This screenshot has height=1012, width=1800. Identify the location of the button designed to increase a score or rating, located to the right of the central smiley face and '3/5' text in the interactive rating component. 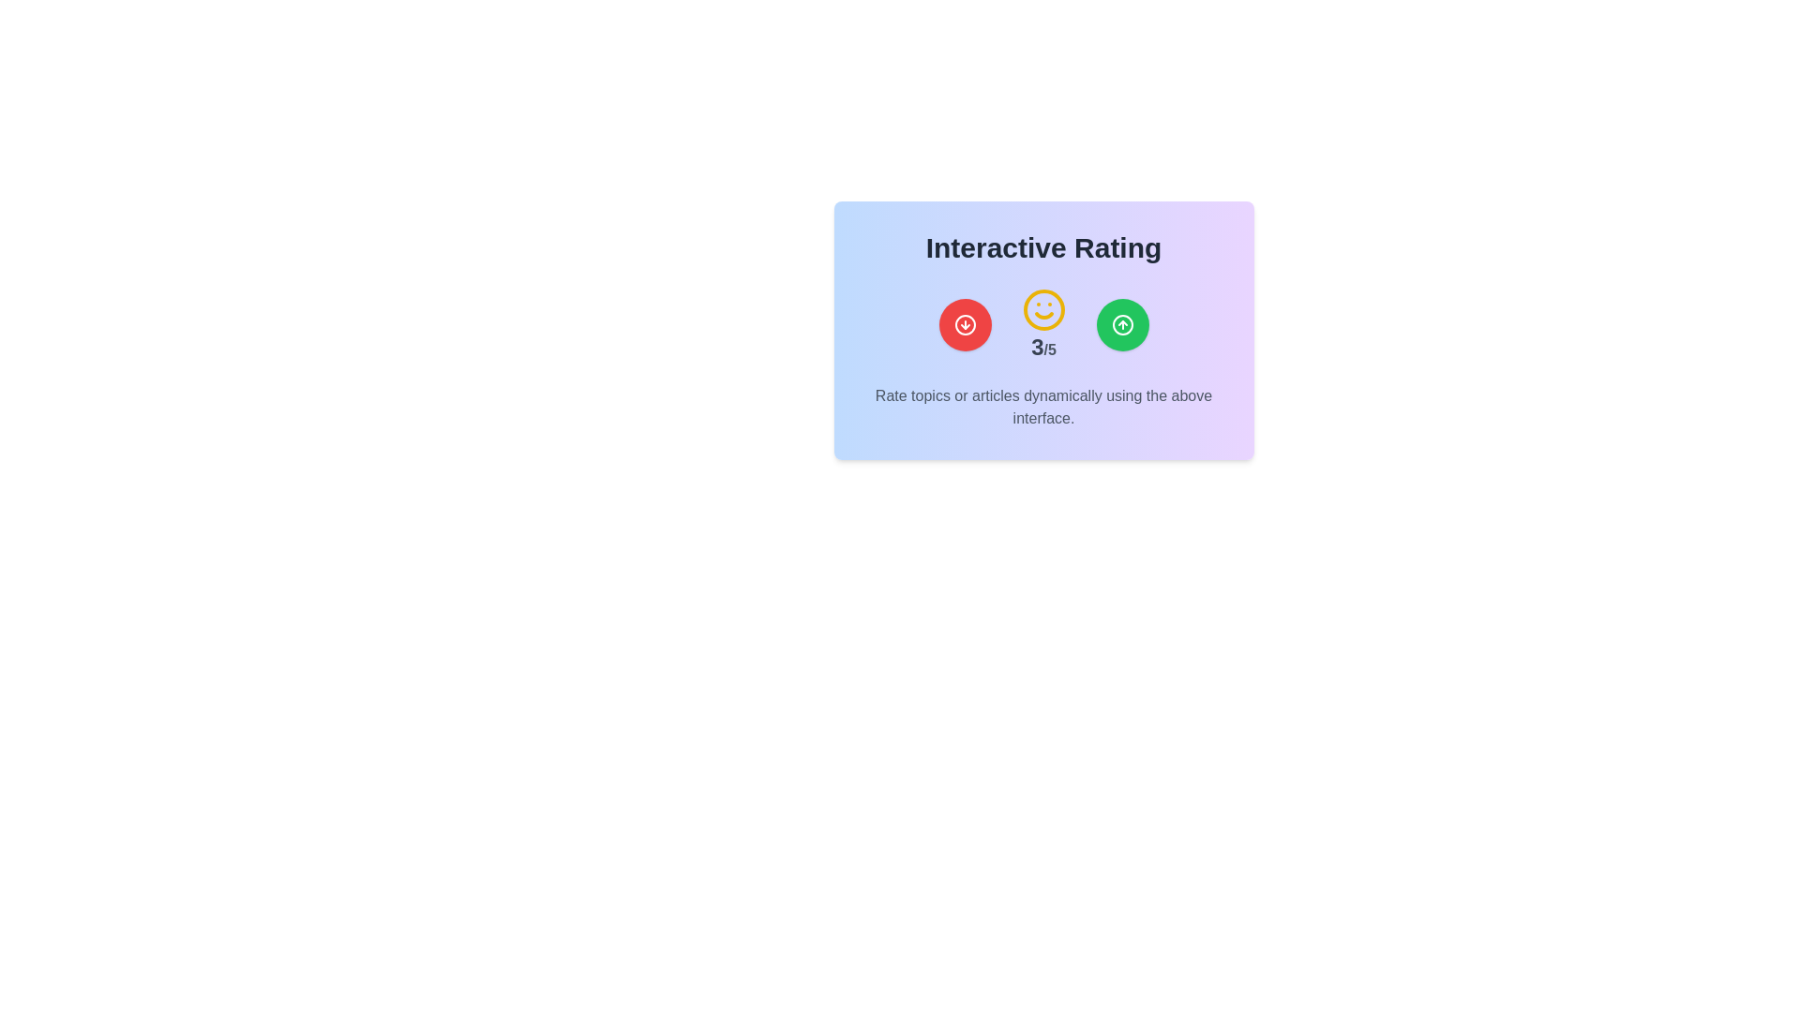
(1122, 324).